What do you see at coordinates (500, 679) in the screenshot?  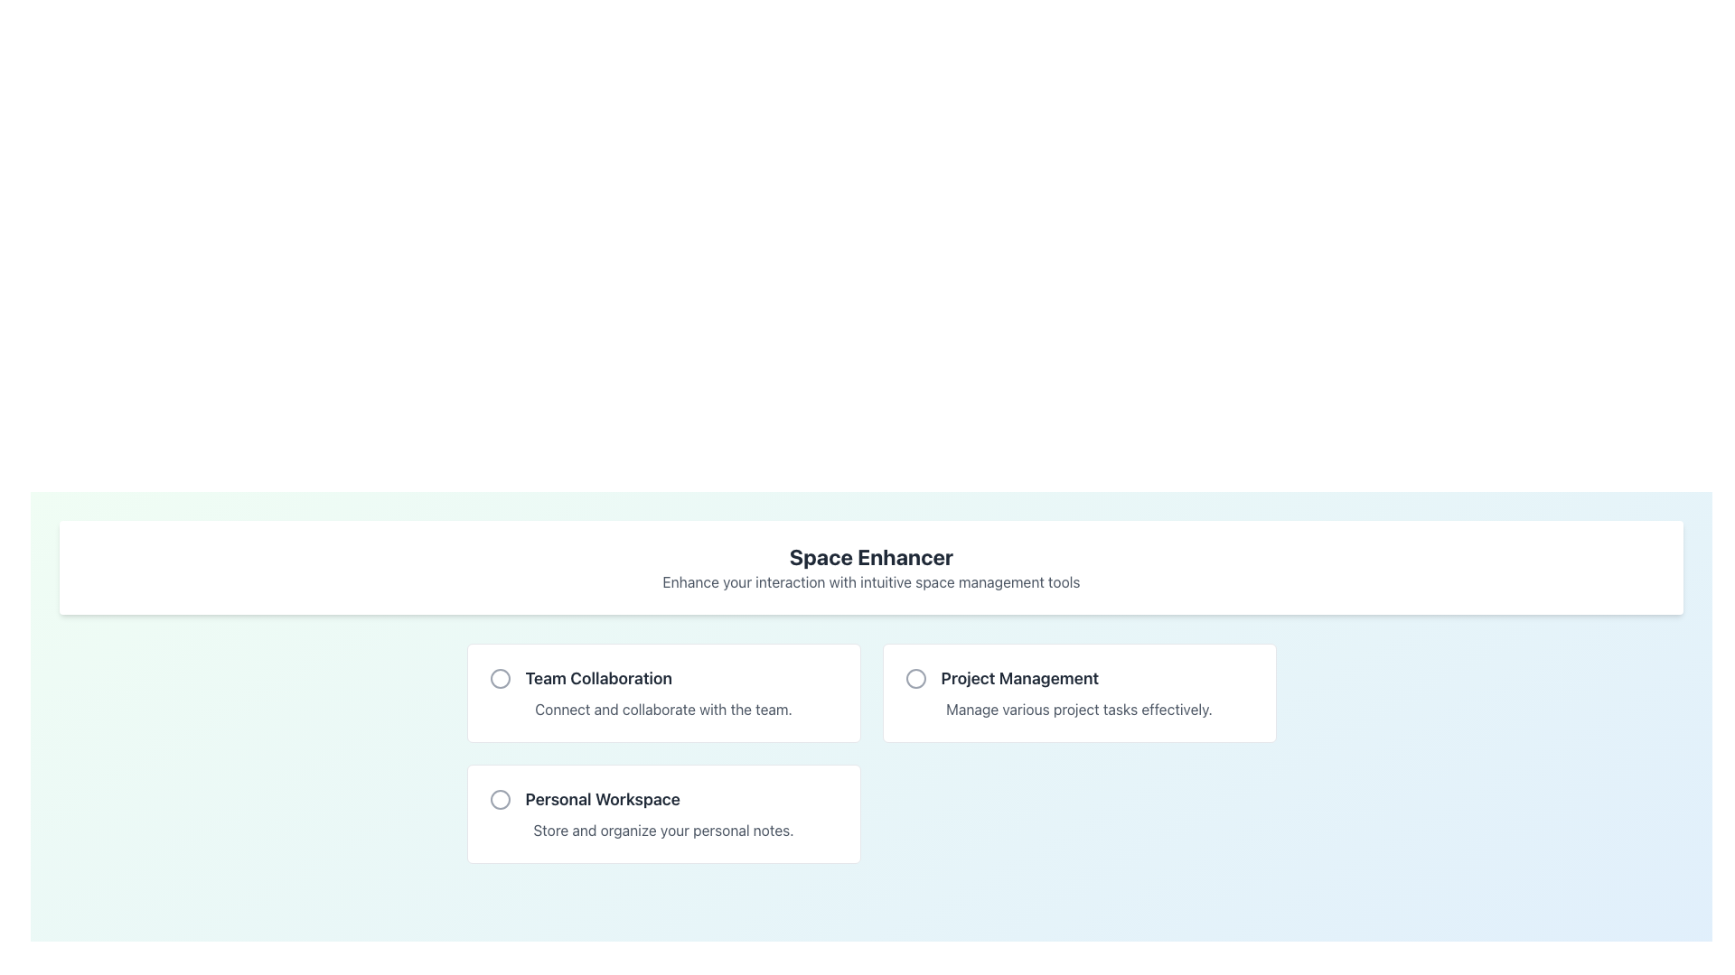 I see `the inner circular part of the SVG Circle located beside the label 'Team Collaboration' within the selectable choices section` at bounding box center [500, 679].